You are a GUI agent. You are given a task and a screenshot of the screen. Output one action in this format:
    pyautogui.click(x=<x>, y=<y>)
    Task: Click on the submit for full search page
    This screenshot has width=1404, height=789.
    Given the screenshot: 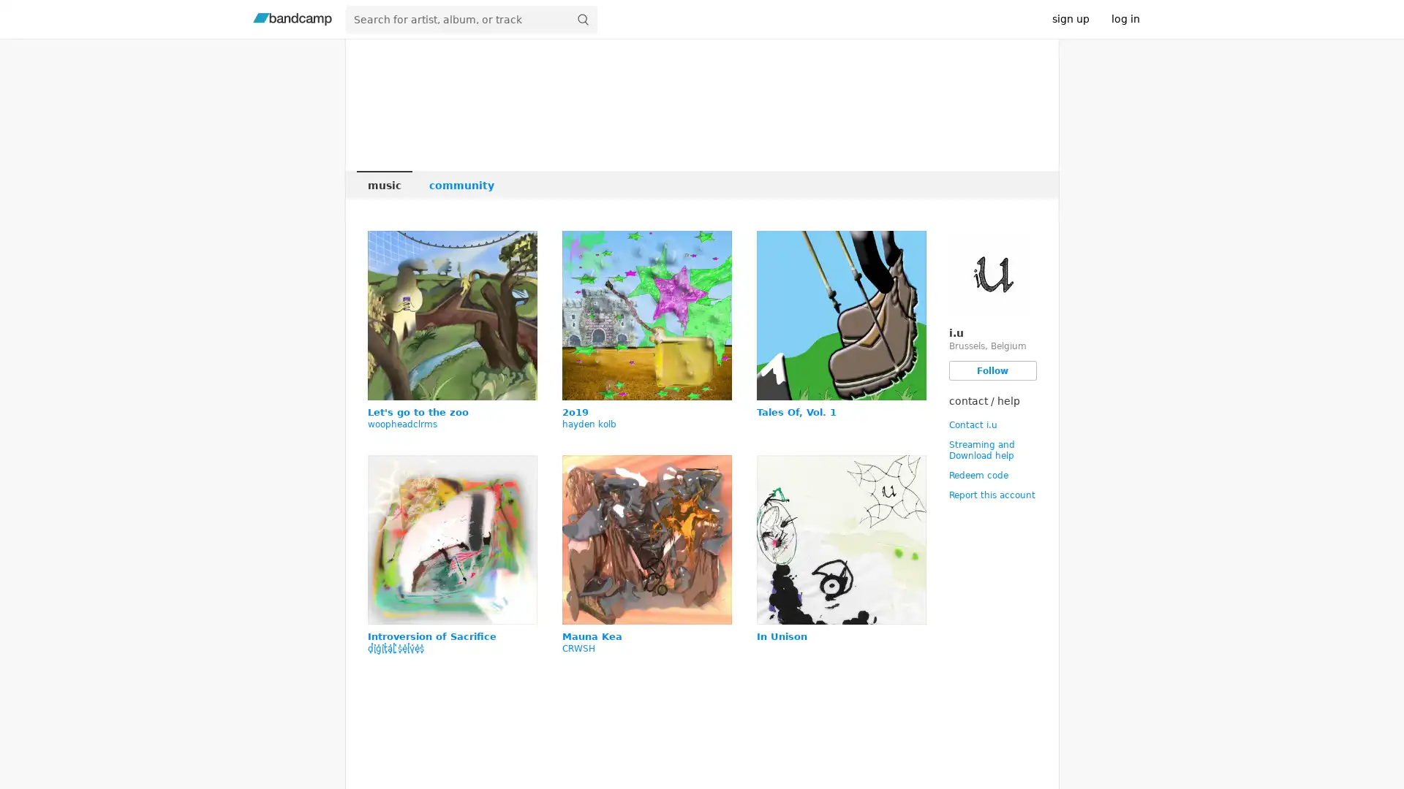 What is the action you would take?
    pyautogui.click(x=581, y=19)
    